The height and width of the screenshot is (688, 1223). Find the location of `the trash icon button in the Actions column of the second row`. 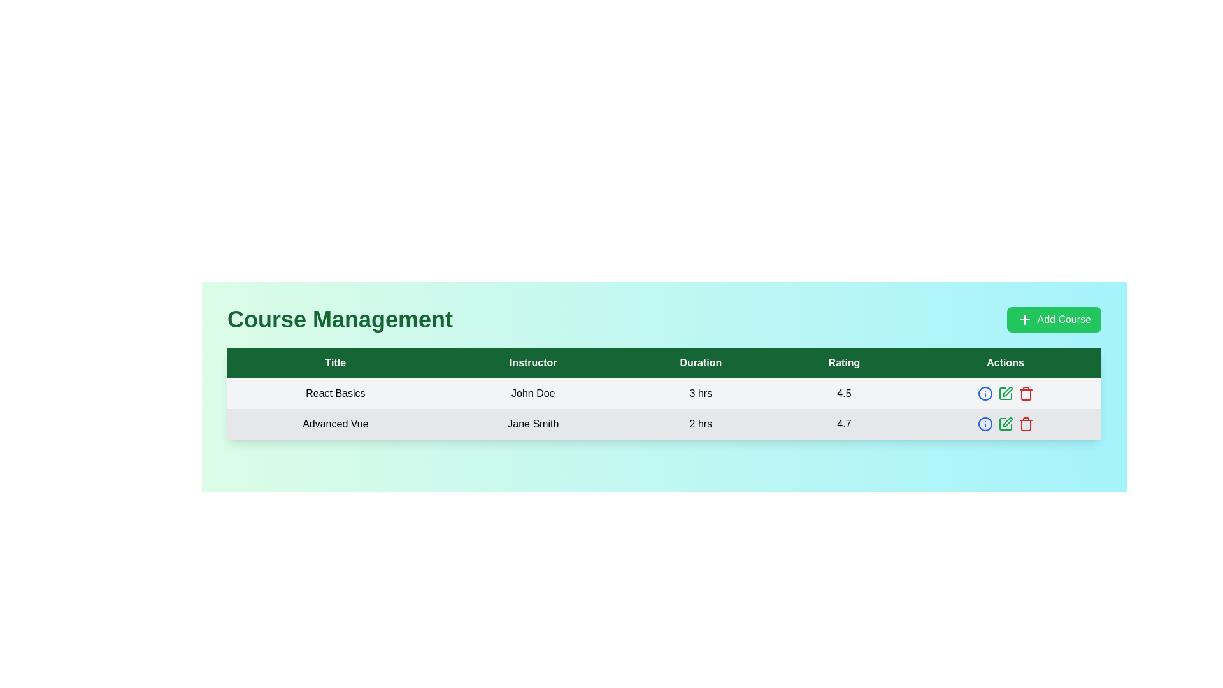

the trash icon button in the Actions column of the second row is located at coordinates (1026, 424).